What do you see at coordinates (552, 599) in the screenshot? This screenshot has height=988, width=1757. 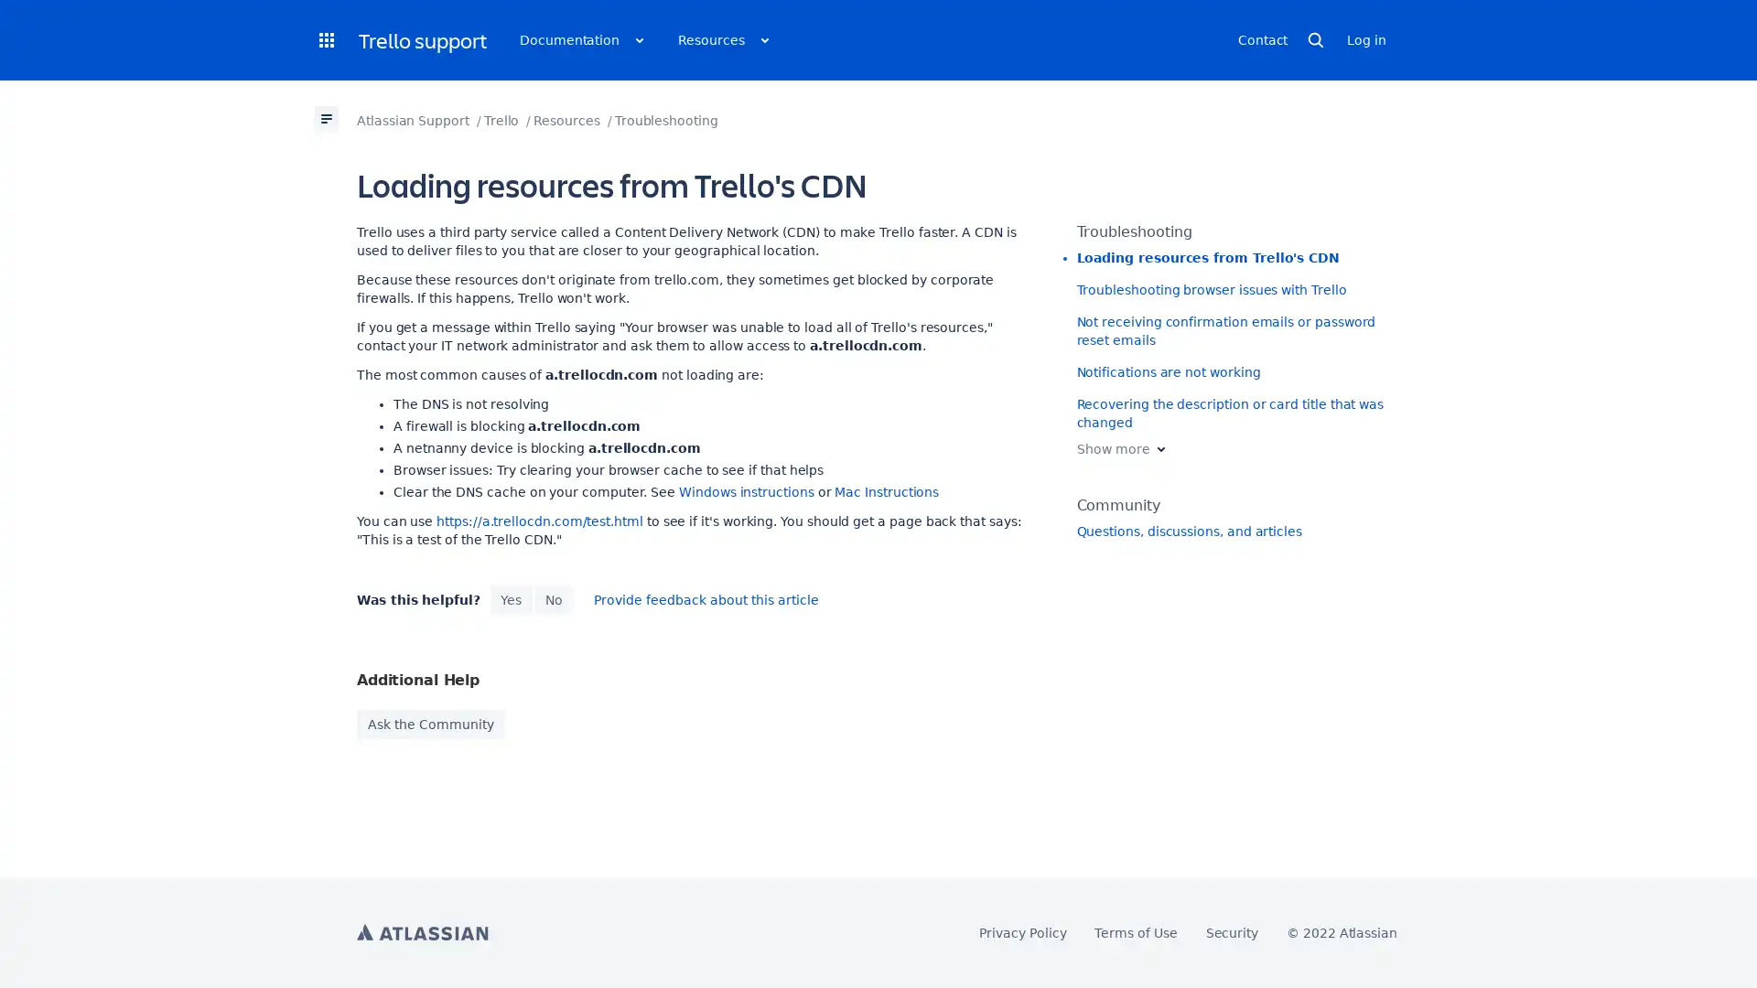 I see `No` at bounding box center [552, 599].